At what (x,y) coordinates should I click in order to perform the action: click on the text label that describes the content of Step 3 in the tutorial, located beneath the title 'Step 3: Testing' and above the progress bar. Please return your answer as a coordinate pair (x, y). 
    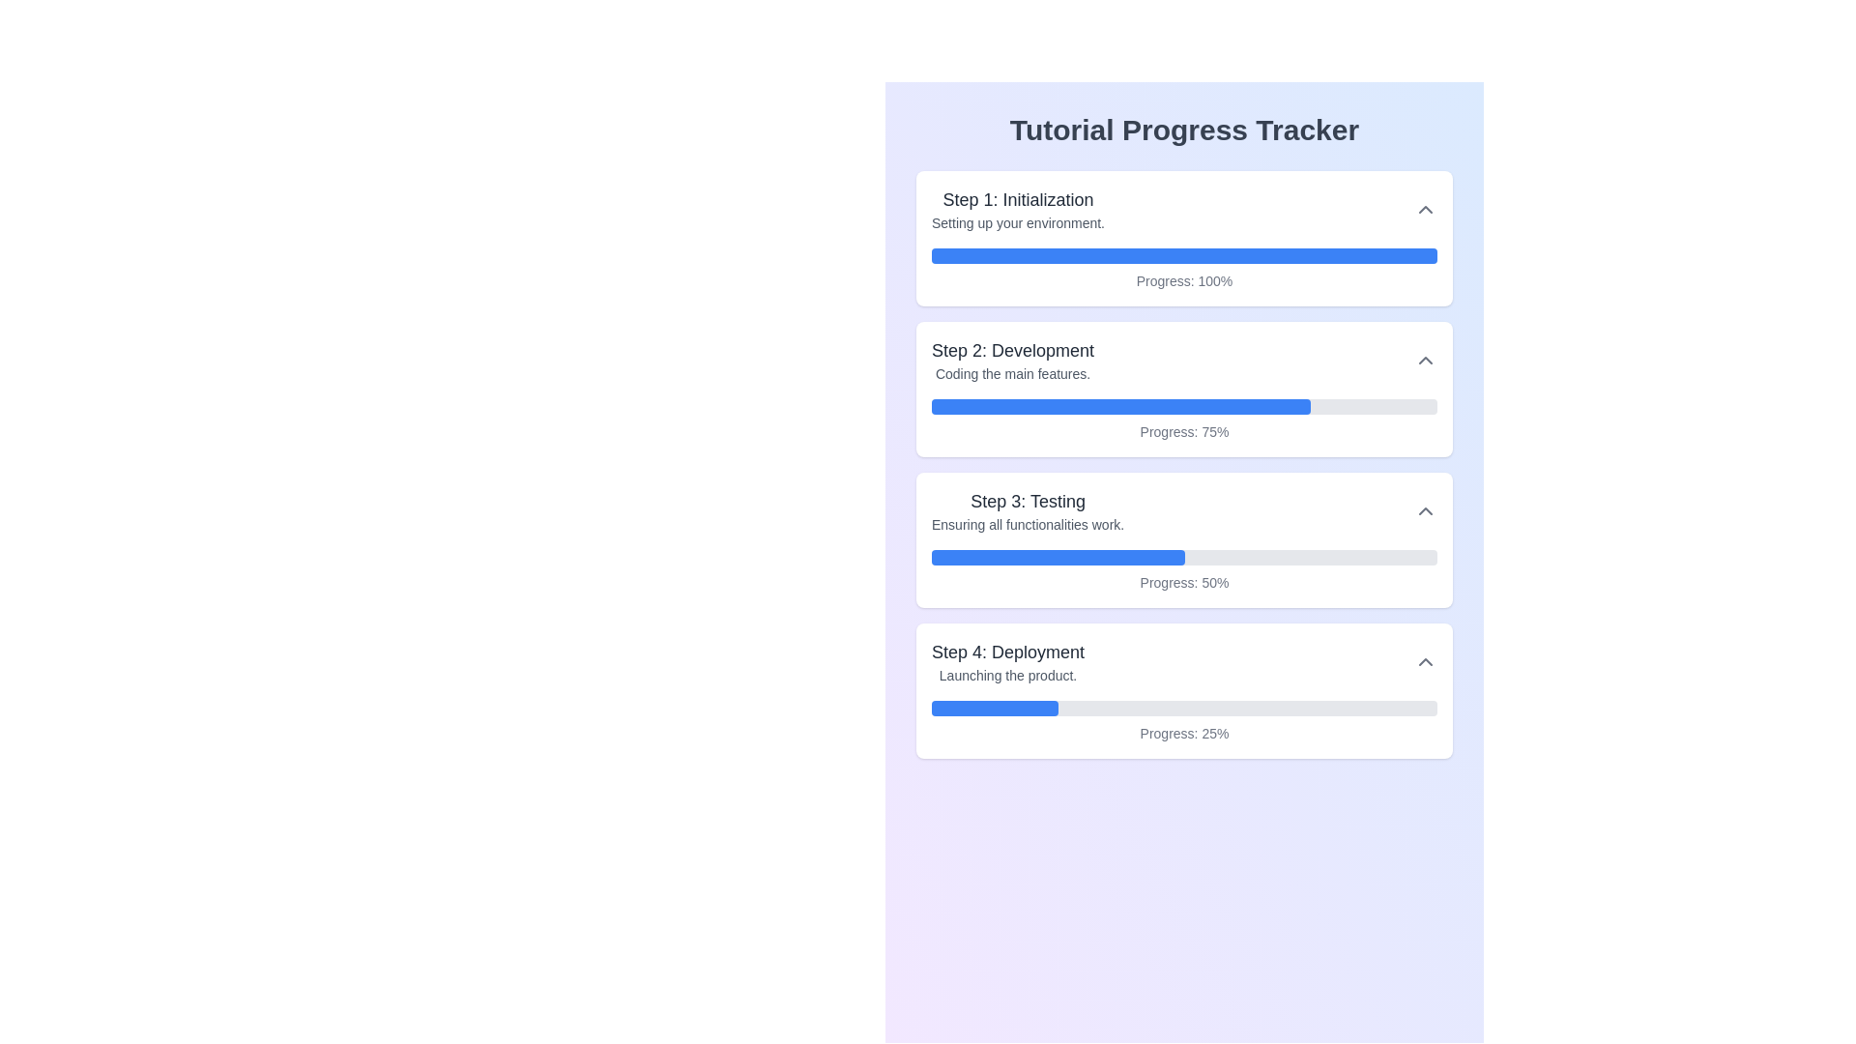
    Looking at the image, I should click on (1027, 525).